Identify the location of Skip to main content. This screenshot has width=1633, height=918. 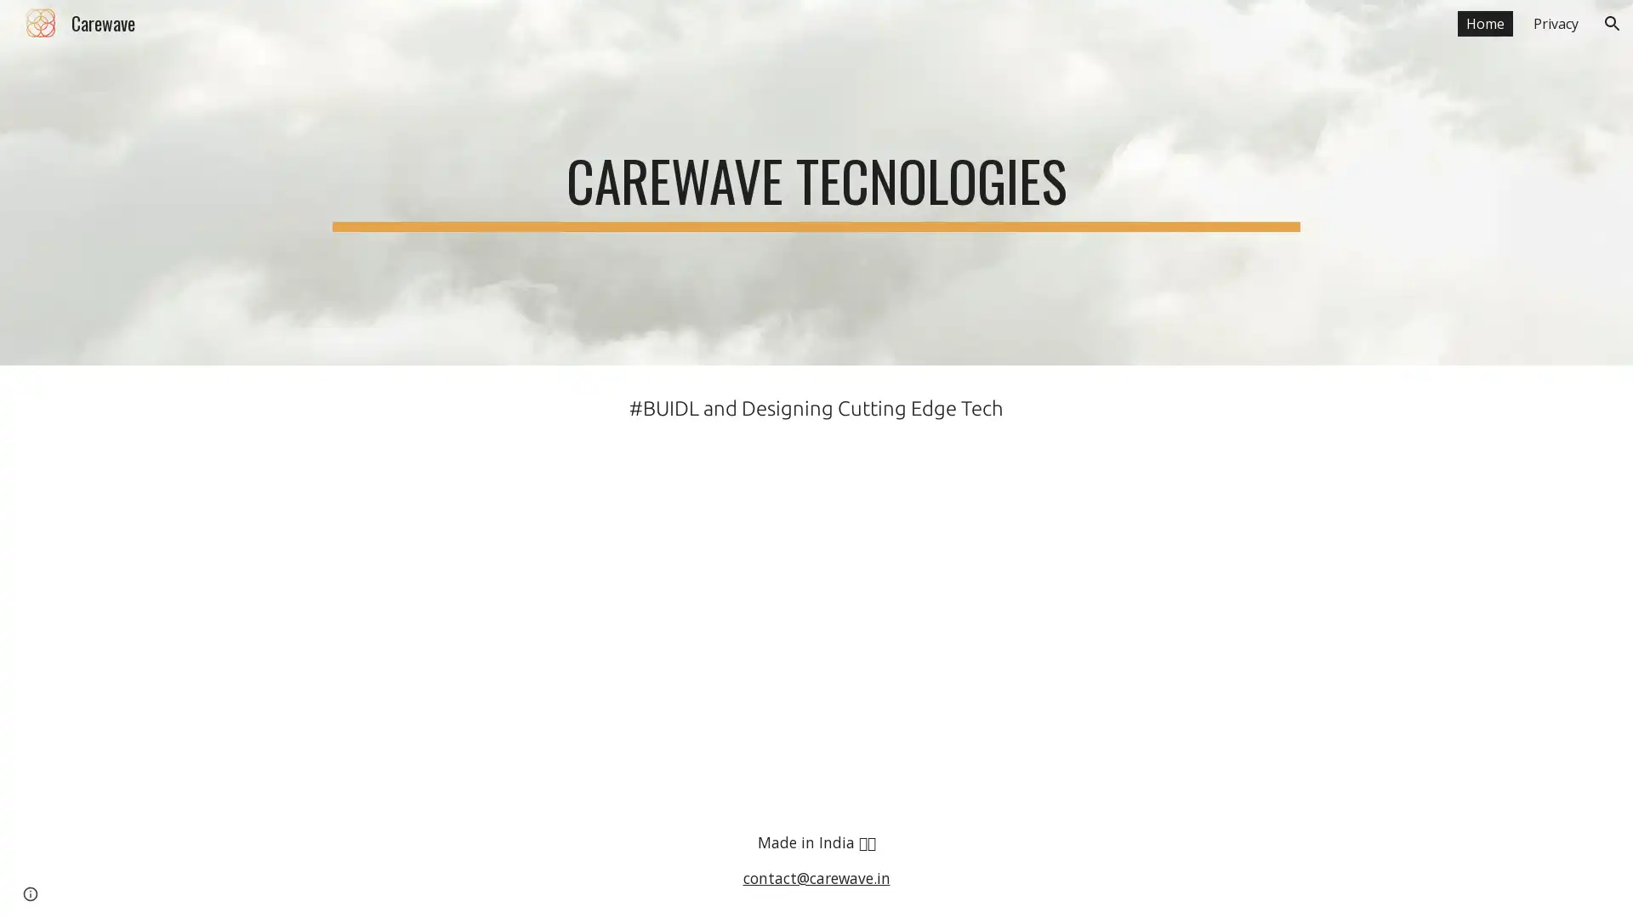
(669, 31).